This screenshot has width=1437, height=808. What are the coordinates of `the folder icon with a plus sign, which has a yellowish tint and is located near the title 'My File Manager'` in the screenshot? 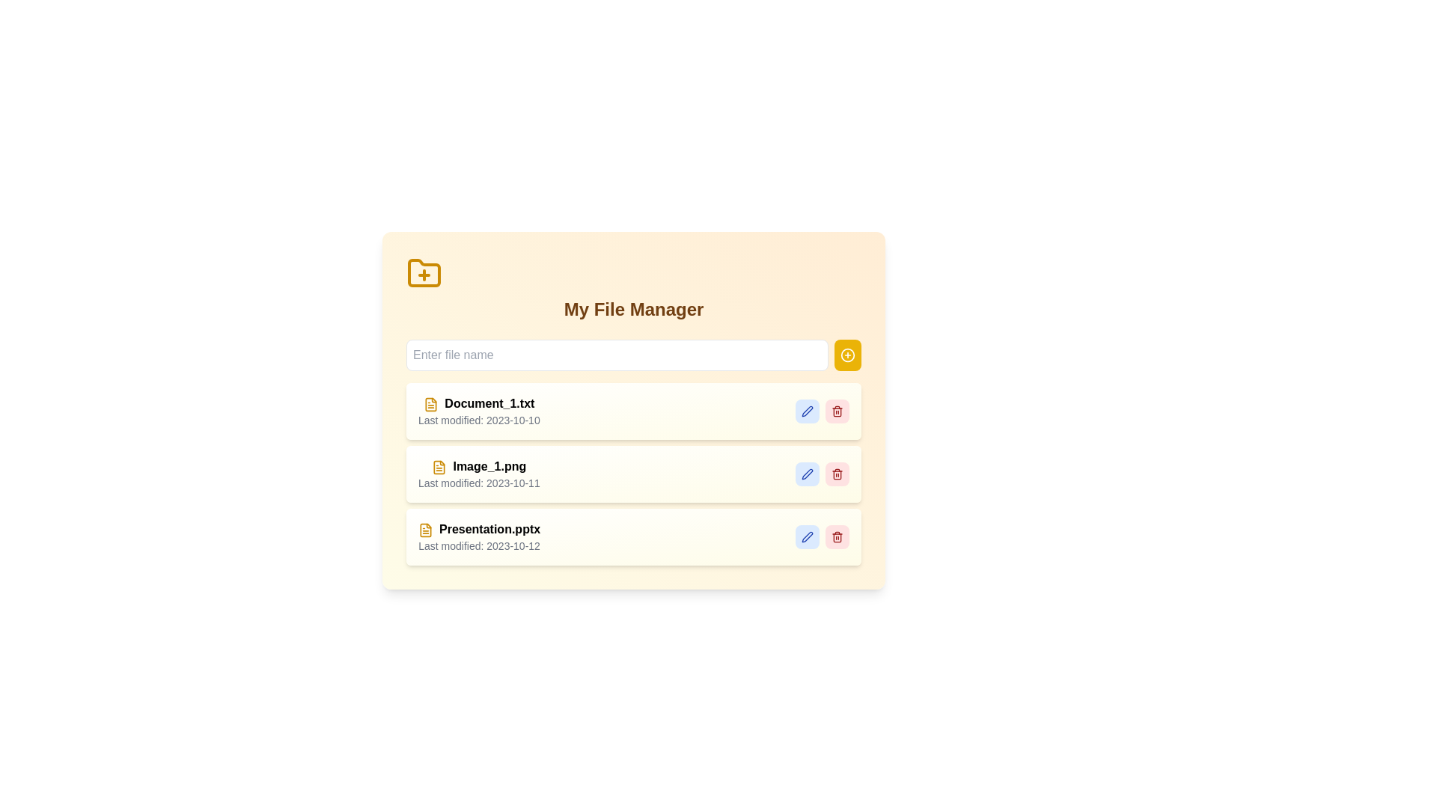 It's located at (423, 273).